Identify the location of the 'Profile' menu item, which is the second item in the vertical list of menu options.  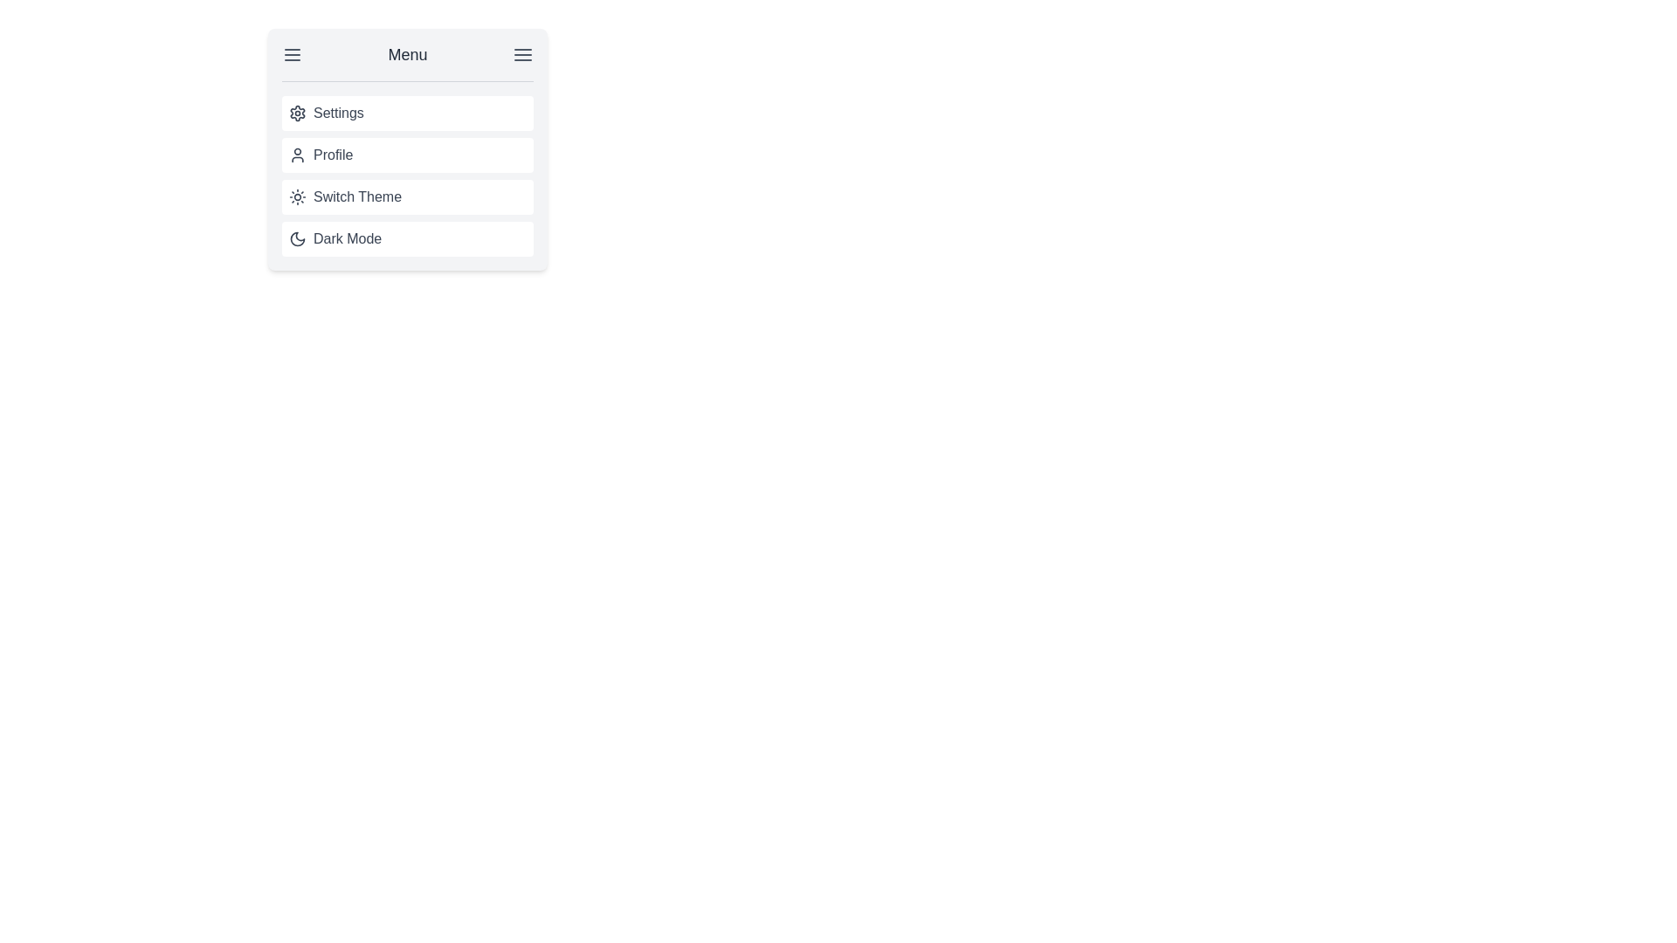
(406, 154).